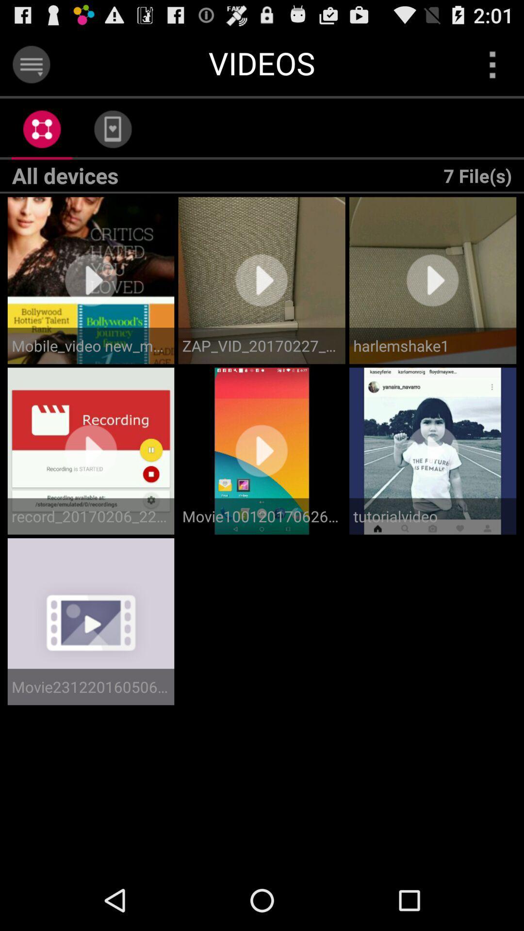 The height and width of the screenshot is (931, 524). Describe the element at coordinates (31, 68) in the screenshot. I see `the menu icon` at that location.